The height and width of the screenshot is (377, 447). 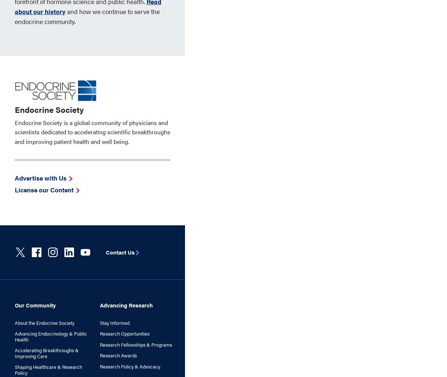 What do you see at coordinates (87, 16) in the screenshot?
I see `'and how we continue to serve the endocrine community.'` at bounding box center [87, 16].